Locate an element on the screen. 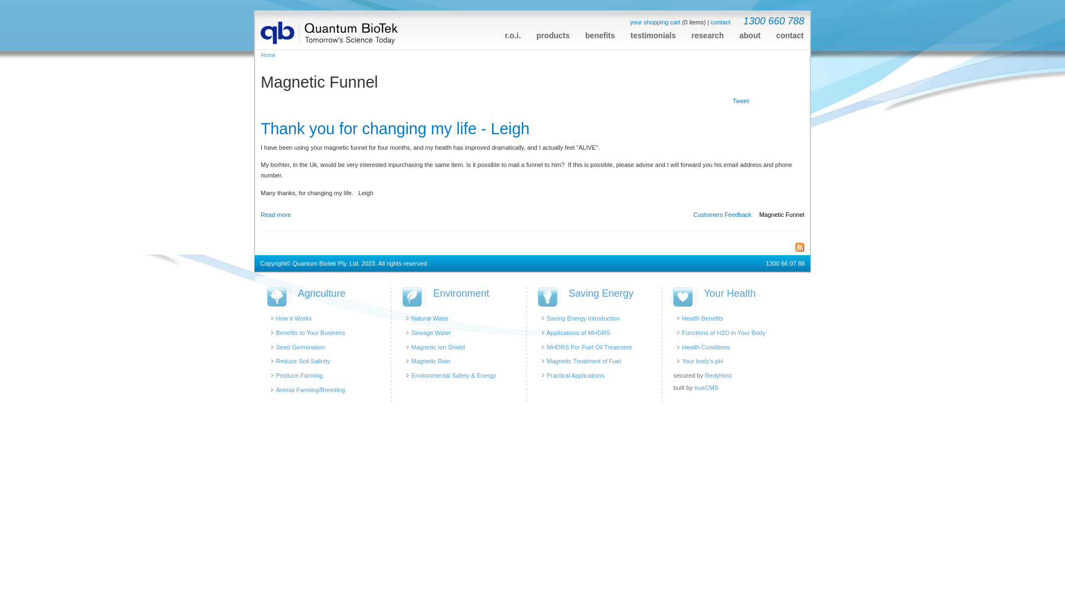  'Tweet' is located at coordinates (741, 101).